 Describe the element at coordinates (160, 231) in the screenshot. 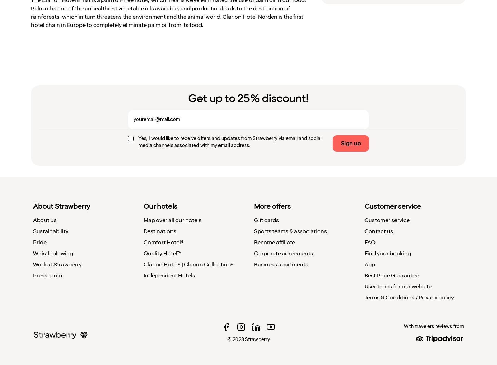

I see `'Destinations'` at that location.